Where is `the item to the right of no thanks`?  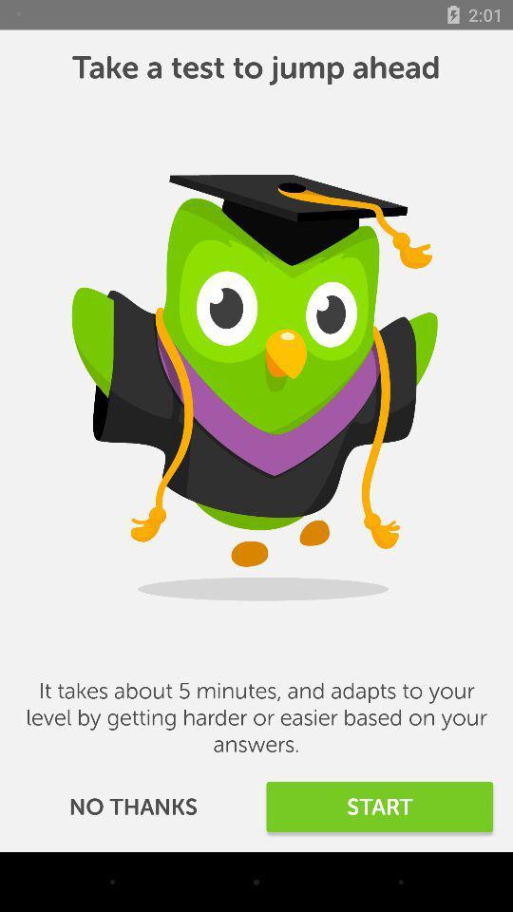 the item to the right of no thanks is located at coordinates (379, 806).